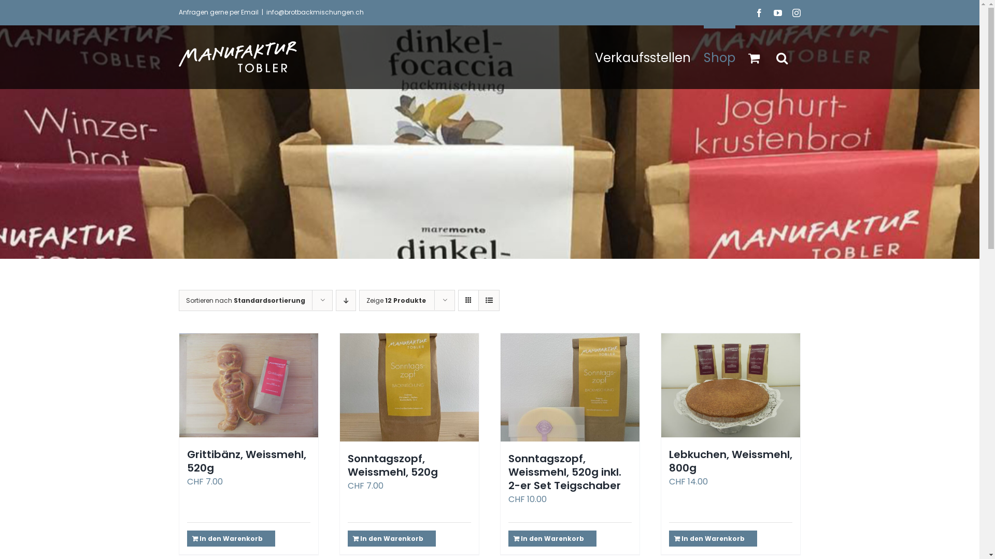 Image resolution: width=995 pixels, height=559 pixels. Describe the element at coordinates (395, 300) in the screenshot. I see `'Zeige 12 Produkte'` at that location.